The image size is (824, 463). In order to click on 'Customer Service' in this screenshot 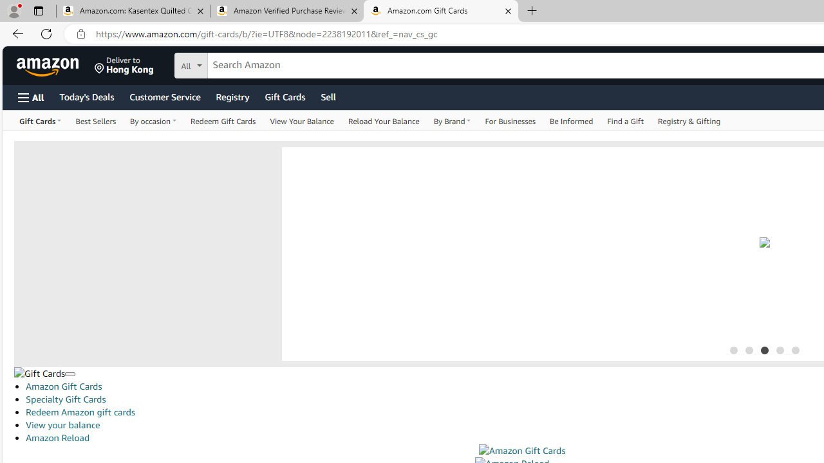, I will do `click(164, 96)`.